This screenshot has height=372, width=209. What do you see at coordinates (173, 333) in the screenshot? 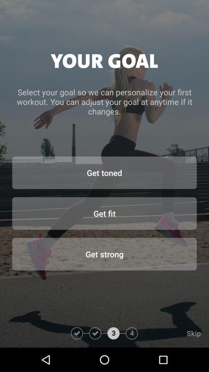
I see `the skip` at bounding box center [173, 333].